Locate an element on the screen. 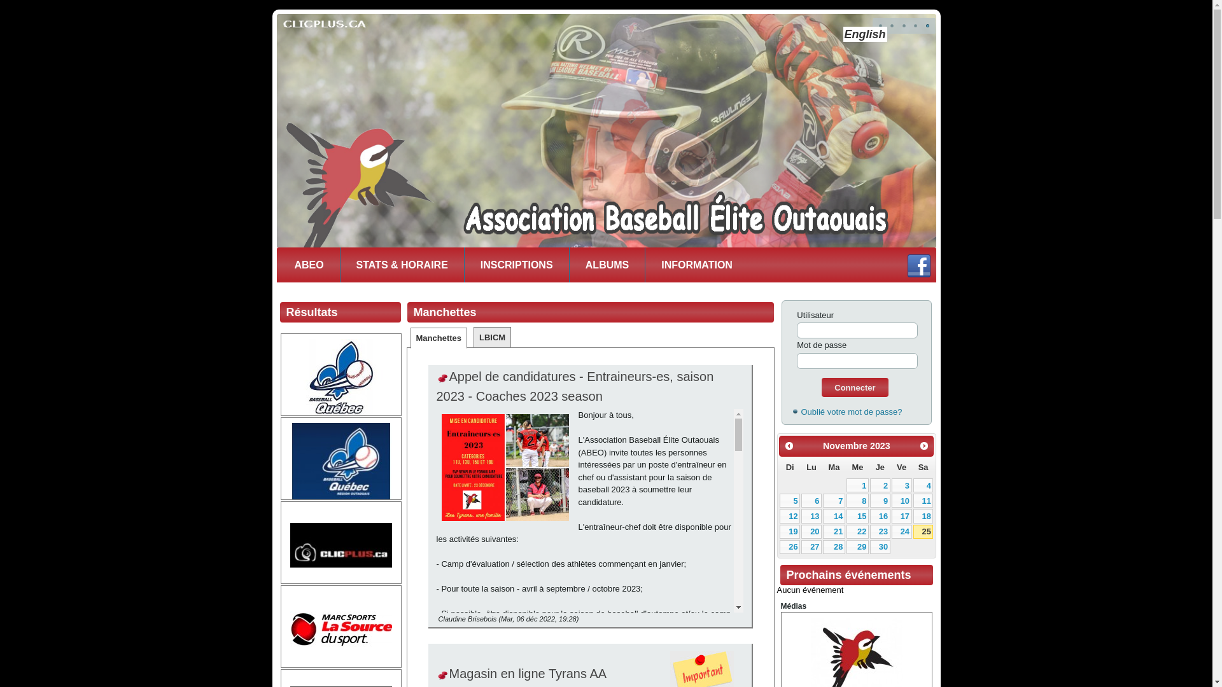 The width and height of the screenshot is (1222, 687). '14' is located at coordinates (834, 515).